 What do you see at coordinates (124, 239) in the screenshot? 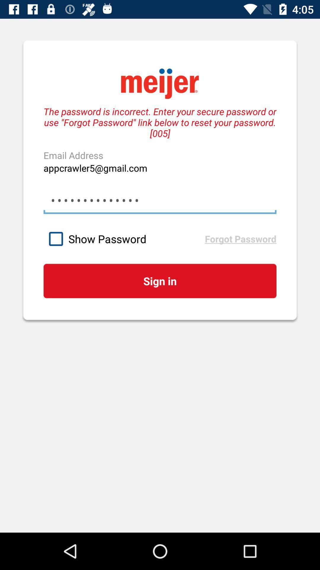
I see `the icon above the sign in item` at bounding box center [124, 239].